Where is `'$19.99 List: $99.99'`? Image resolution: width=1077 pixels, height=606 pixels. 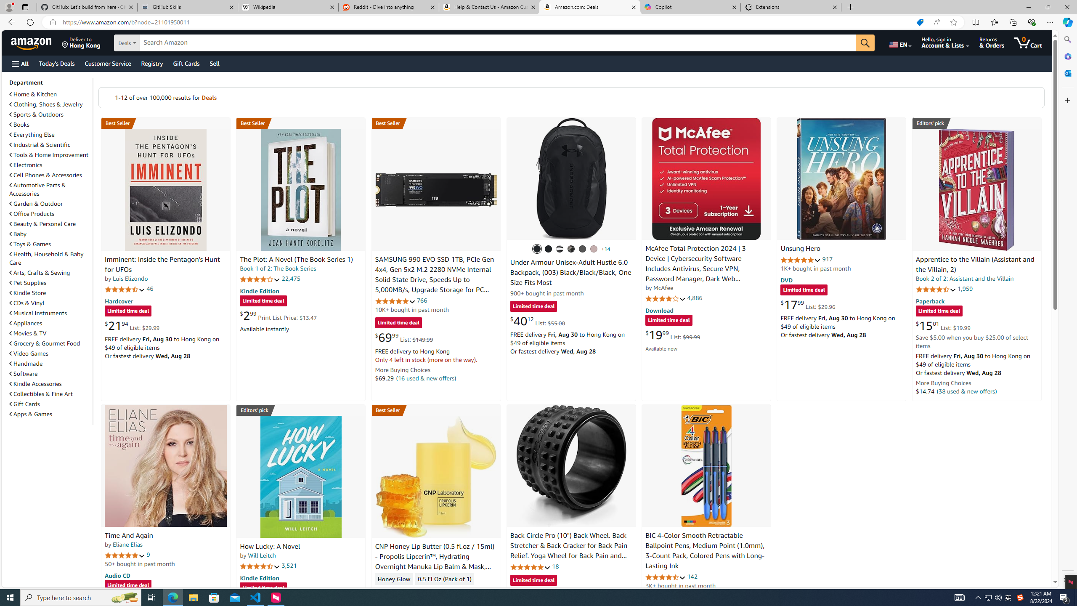
'$19.99 List: $99.99' is located at coordinates (672, 334).